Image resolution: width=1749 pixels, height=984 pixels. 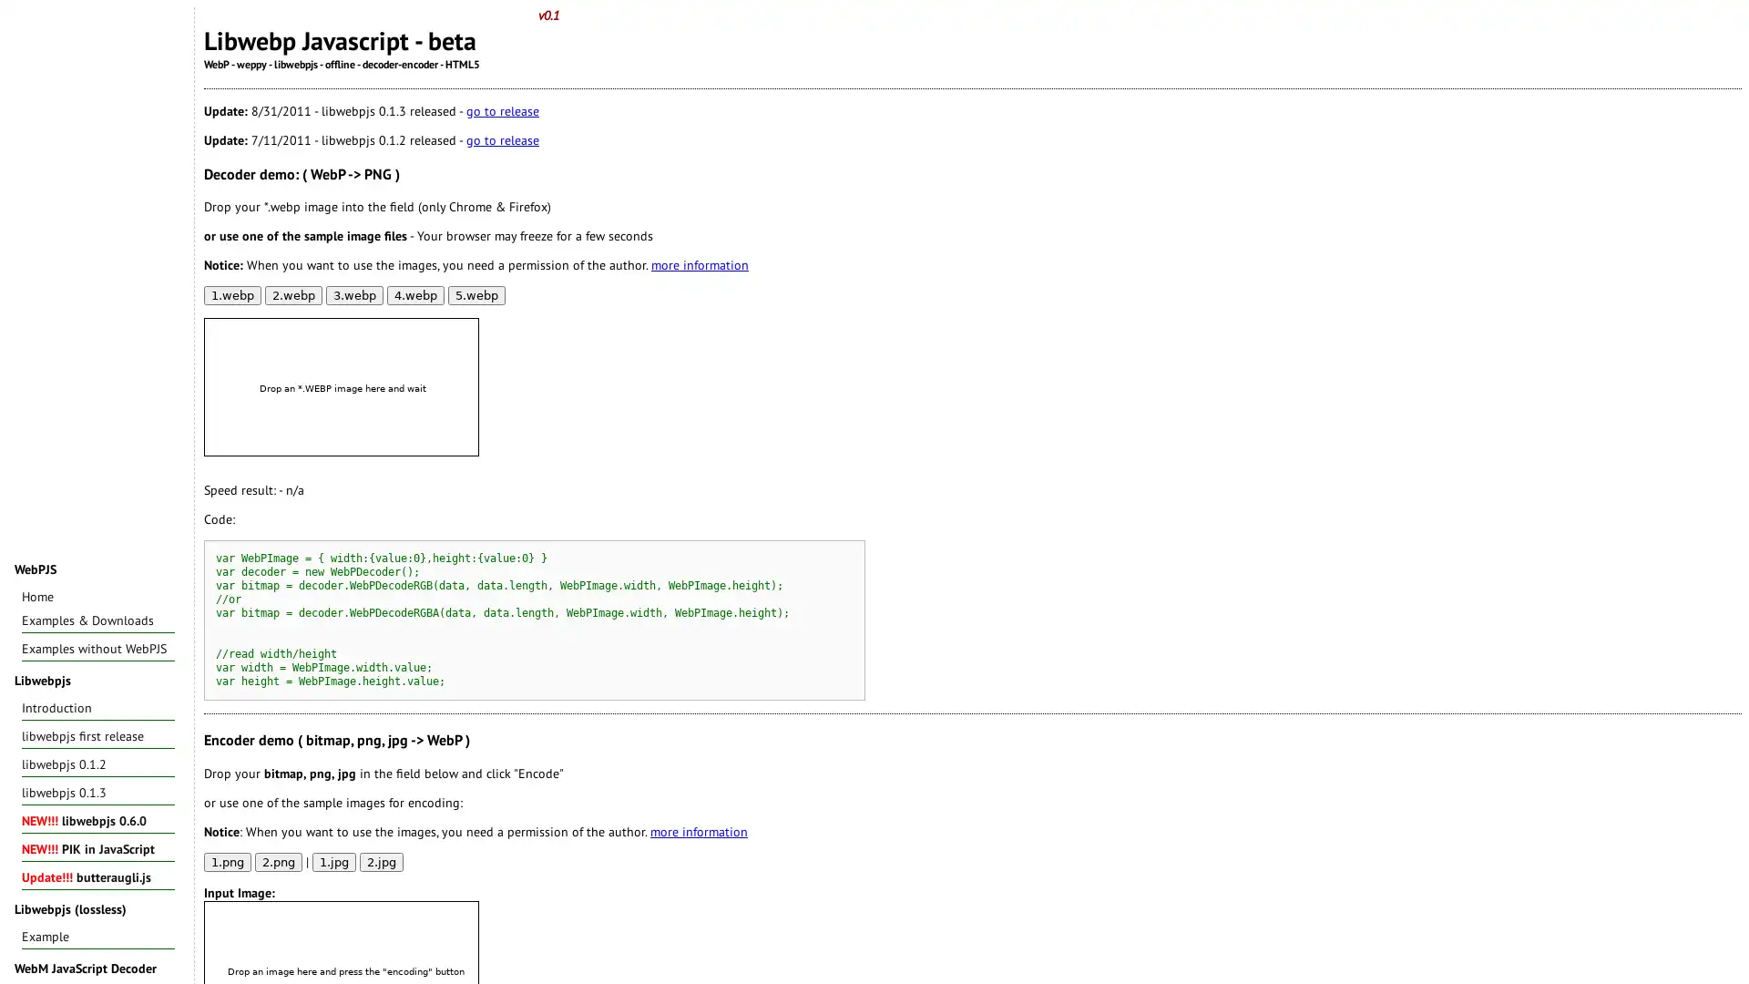 What do you see at coordinates (278, 861) in the screenshot?
I see `2.png` at bounding box center [278, 861].